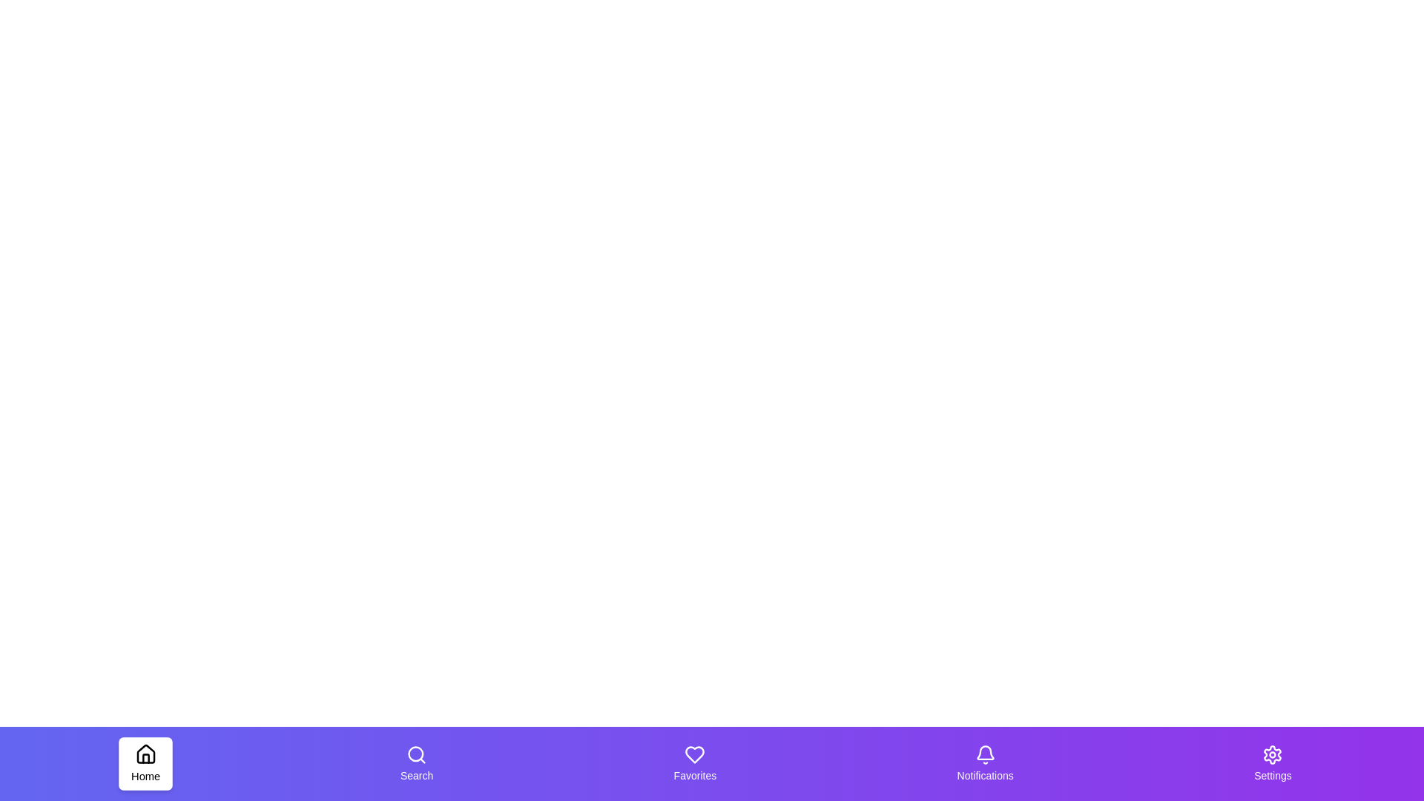  What do you see at coordinates (694, 763) in the screenshot?
I see `the tab labeled Favorites` at bounding box center [694, 763].